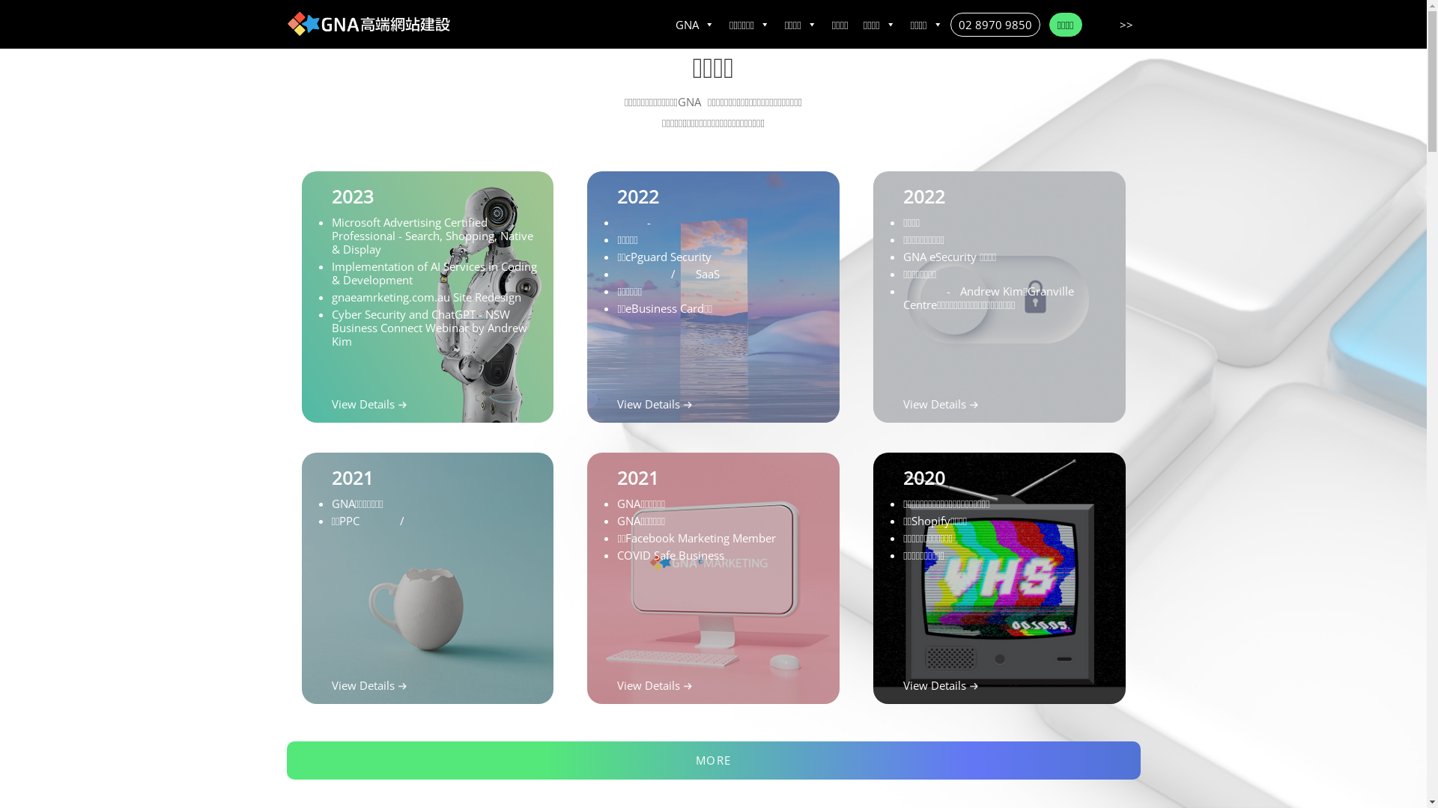  What do you see at coordinates (330, 404) in the screenshot?
I see `'View Details'` at bounding box center [330, 404].